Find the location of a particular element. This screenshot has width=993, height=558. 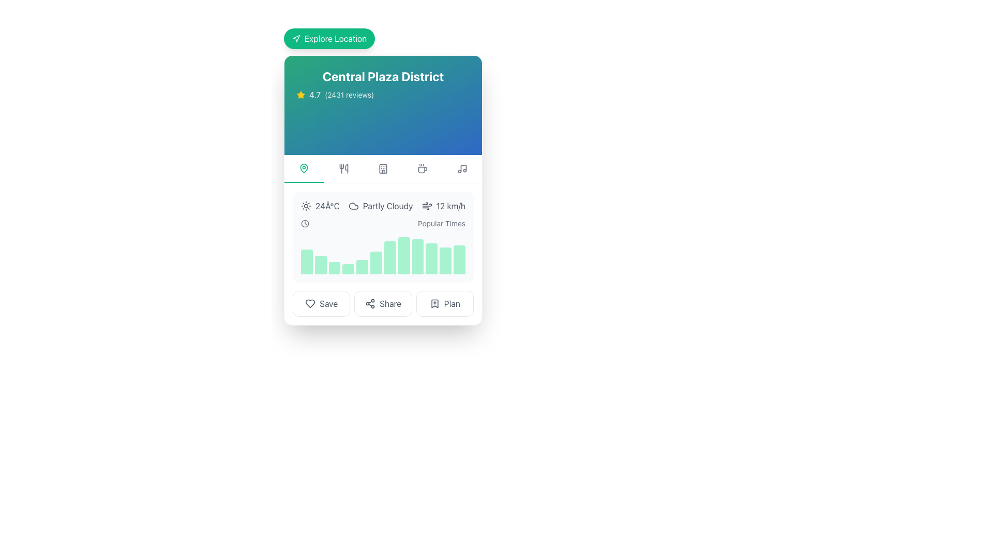

the star icon, which is styled with a yellow fill and located to the left of the textual rating value '4.7' and review count '(2431 reviews)', within the rating display area is located at coordinates (300, 95).